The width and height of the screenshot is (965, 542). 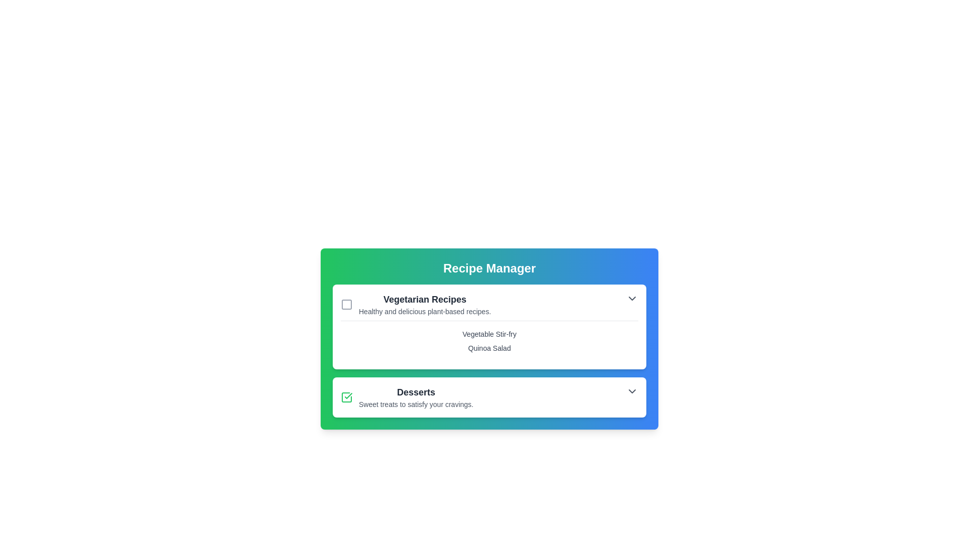 What do you see at coordinates (490, 268) in the screenshot?
I see `the heading element indicating the primary purpose of the recipe manager interface to read its text` at bounding box center [490, 268].